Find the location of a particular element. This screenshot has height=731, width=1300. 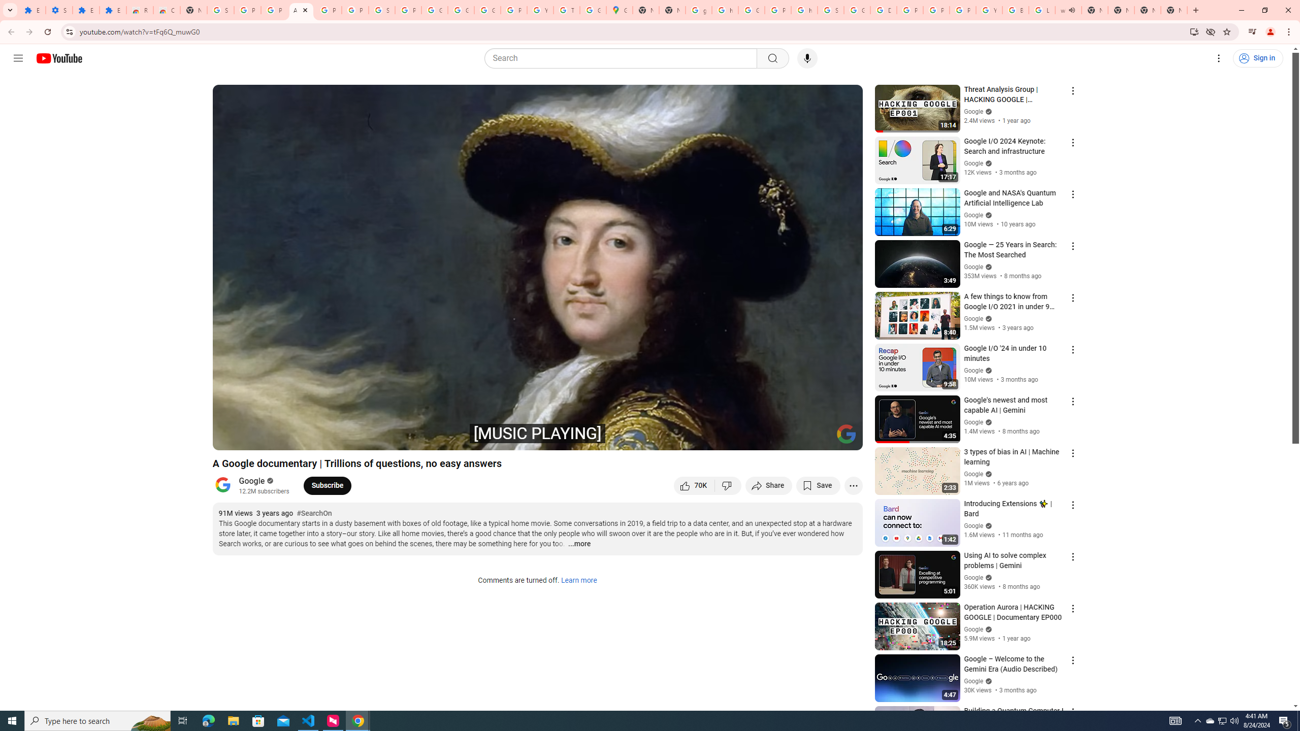

'YouTube' is located at coordinates (989, 10).